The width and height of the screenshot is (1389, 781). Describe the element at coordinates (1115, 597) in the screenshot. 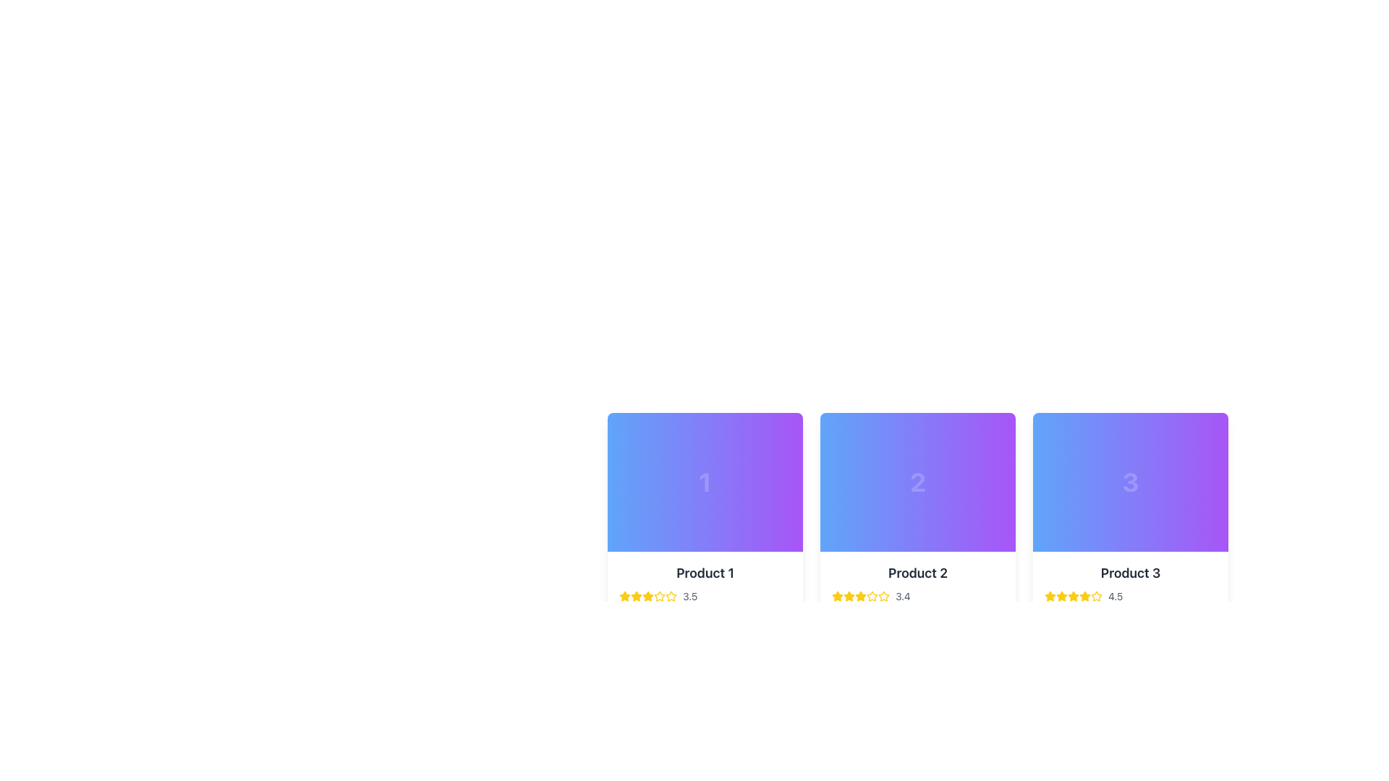

I see `text content of the numerical rating label located below the 'Product 3' label, positioned to the right of five yellow stars` at that location.